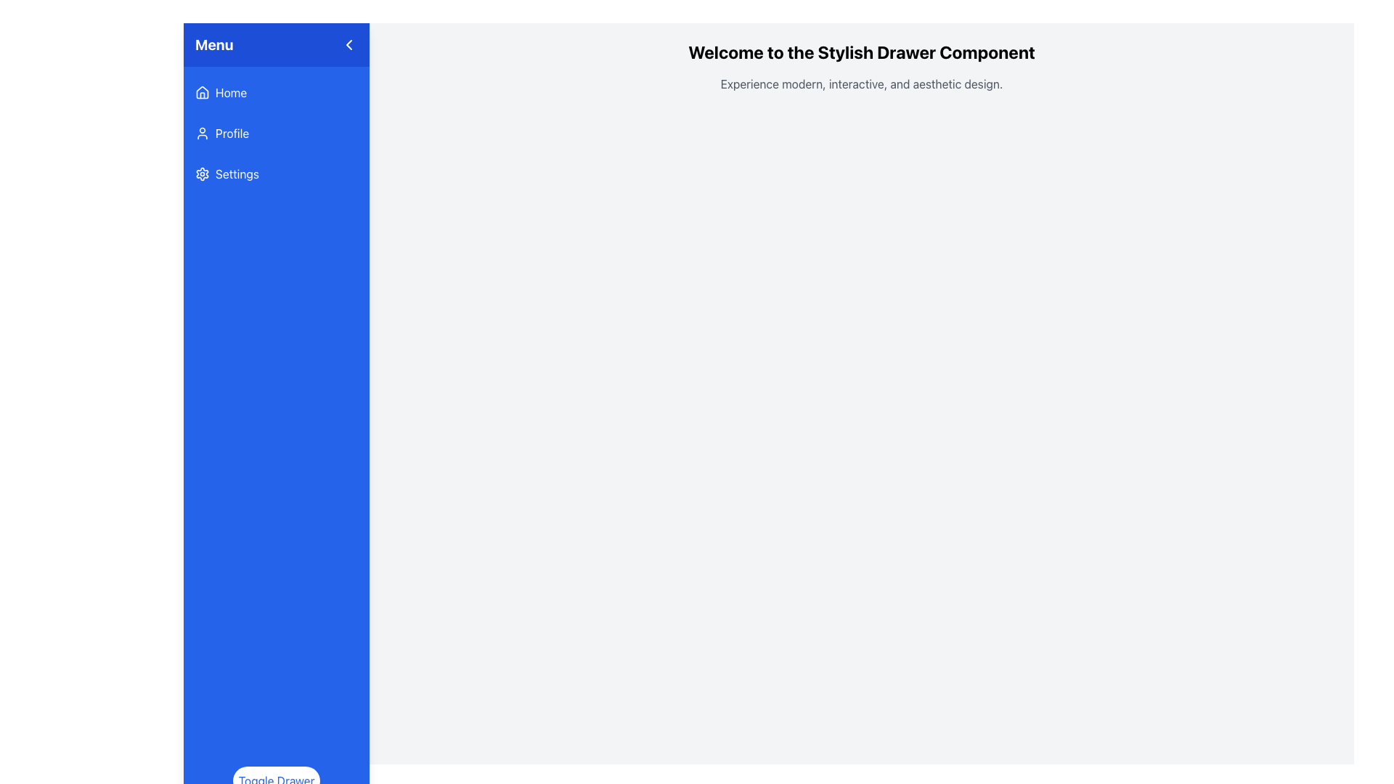 This screenshot has height=784, width=1394. What do you see at coordinates (213, 44) in the screenshot?
I see `the Text Label that serves as the heading for the sidebar menu, located at the top-left corner of the sidebar region with a blue background` at bounding box center [213, 44].